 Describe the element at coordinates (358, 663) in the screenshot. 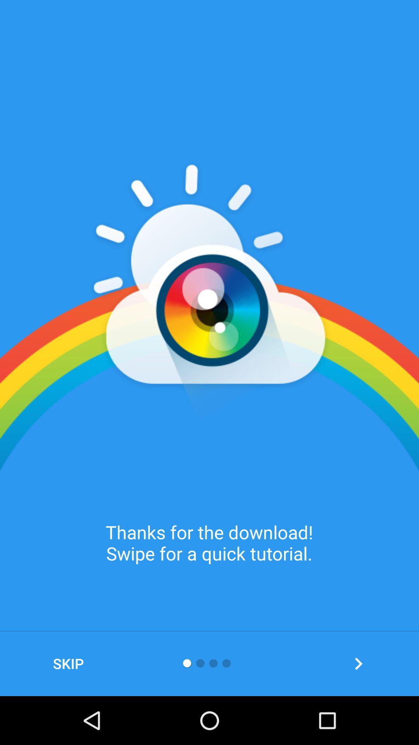

I see `swipe to continue tutorial` at that location.